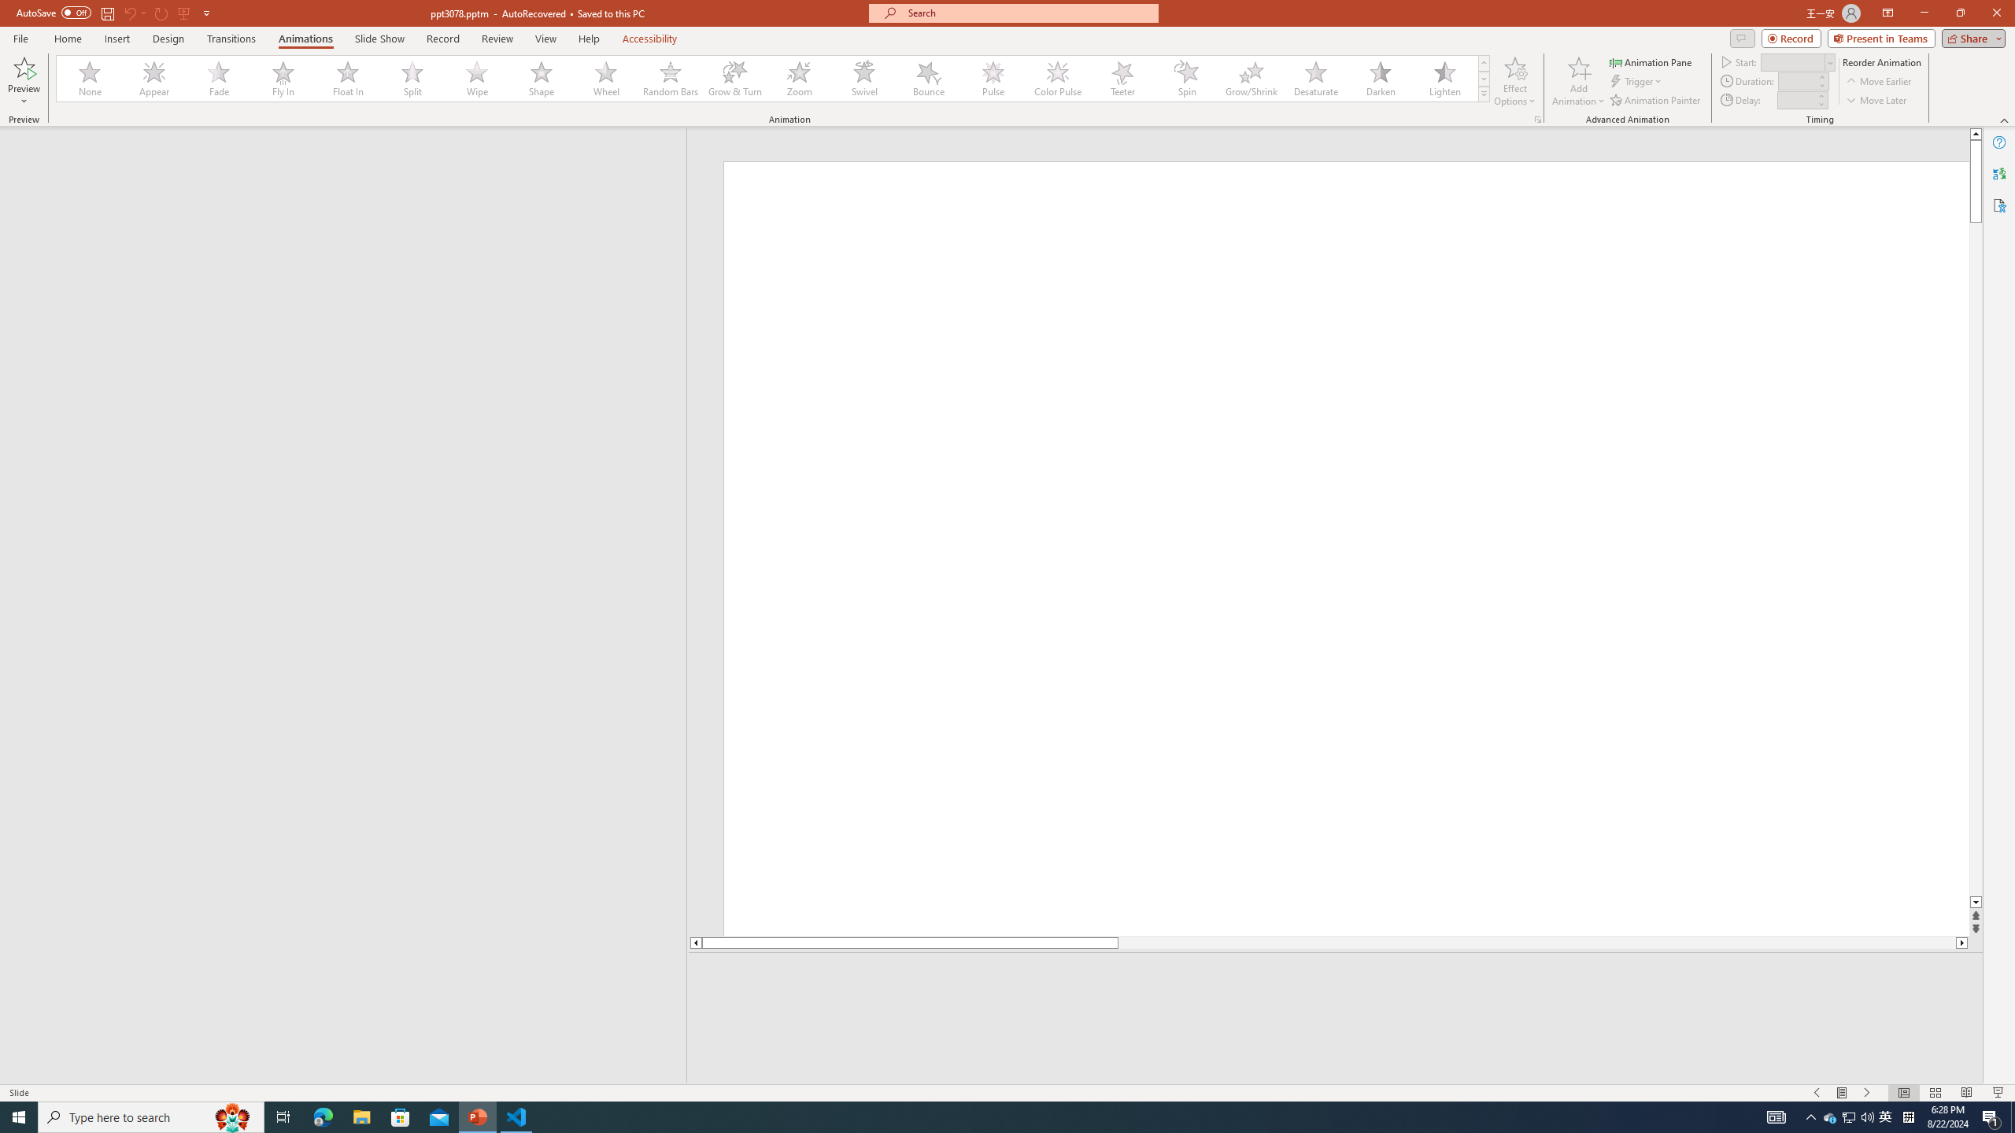 Image resolution: width=2015 pixels, height=1133 pixels. I want to click on 'Fly In', so click(283, 78).